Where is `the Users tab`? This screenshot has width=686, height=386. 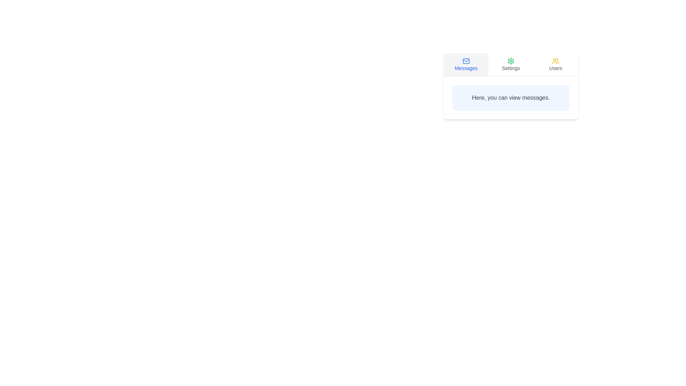 the Users tab is located at coordinates (555, 65).